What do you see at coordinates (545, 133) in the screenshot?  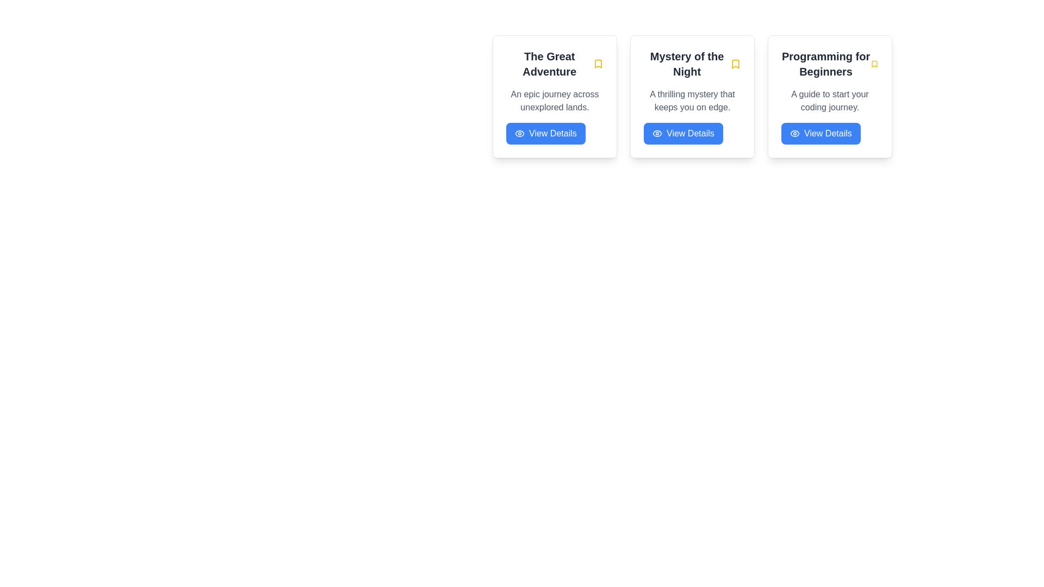 I see `the 'View Details' button, which has white text on a blue background and an eye icon, located at the bottom of the card titled 'The Great Adventure'` at bounding box center [545, 133].